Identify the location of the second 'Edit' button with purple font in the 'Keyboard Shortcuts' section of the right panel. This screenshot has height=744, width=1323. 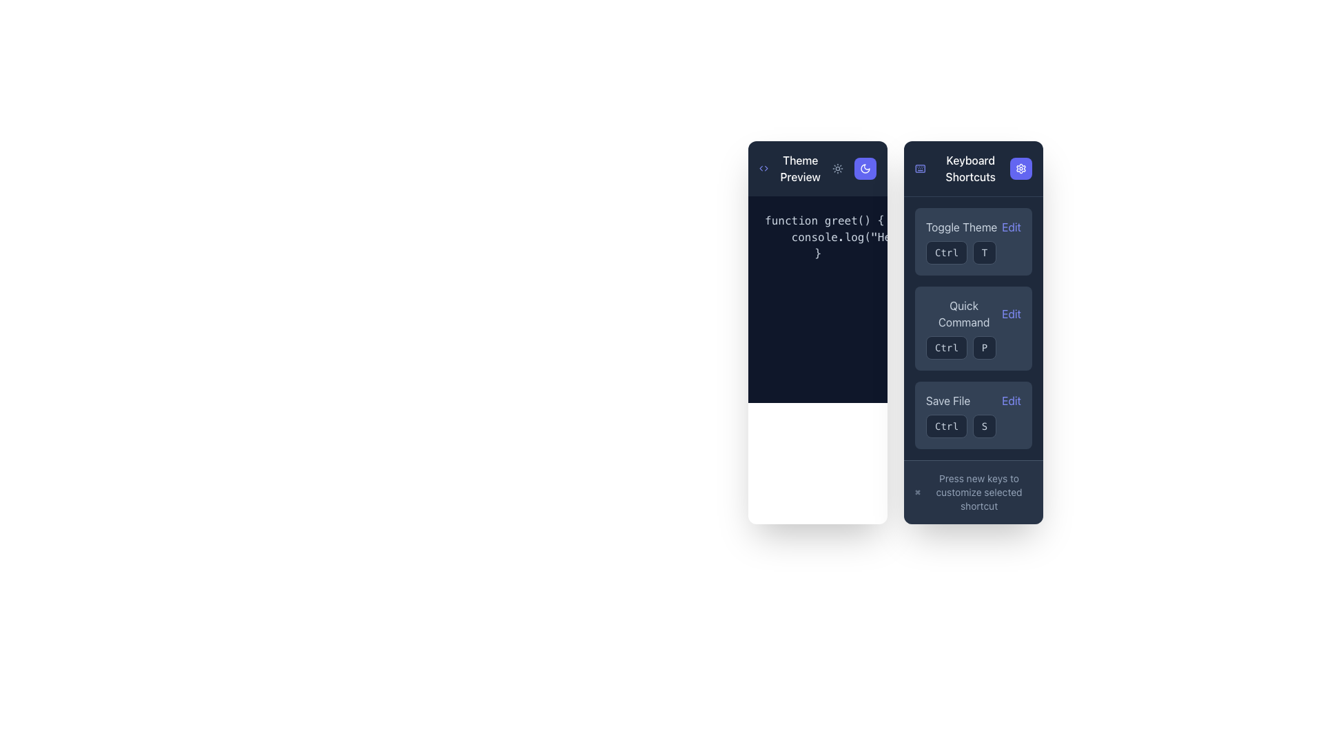
(1012, 313).